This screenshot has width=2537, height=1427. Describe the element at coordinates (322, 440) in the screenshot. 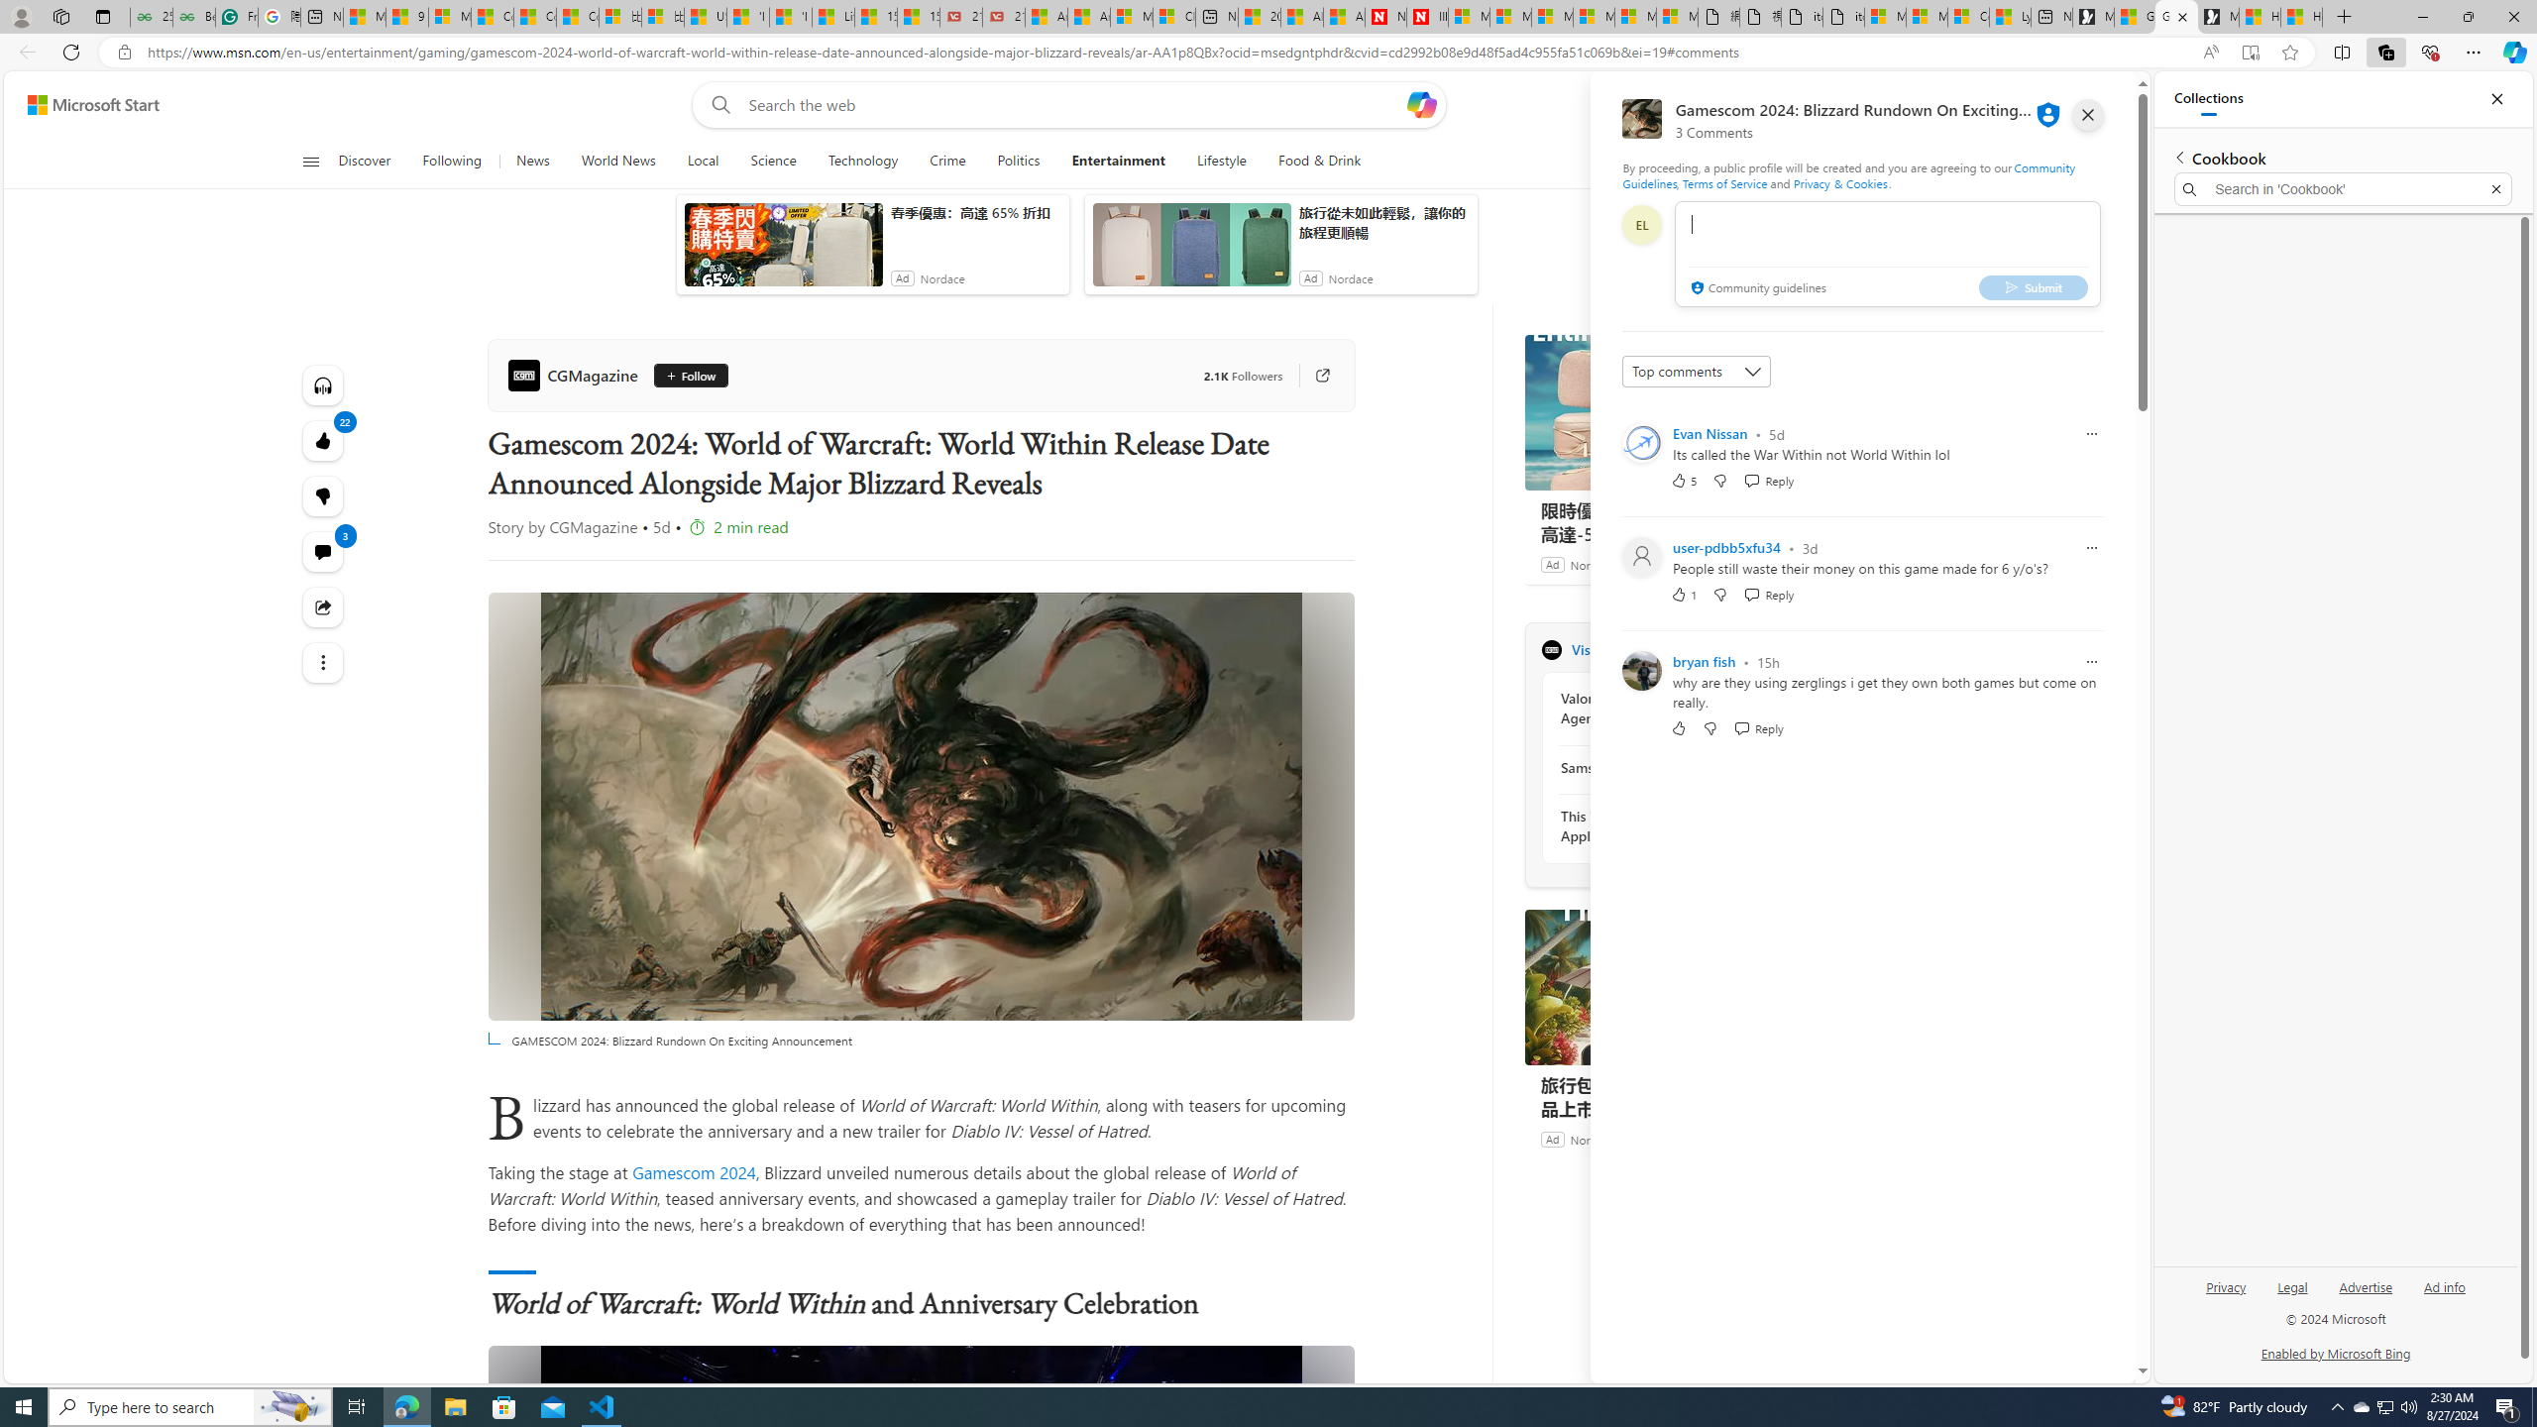

I see `'22 Like'` at that location.